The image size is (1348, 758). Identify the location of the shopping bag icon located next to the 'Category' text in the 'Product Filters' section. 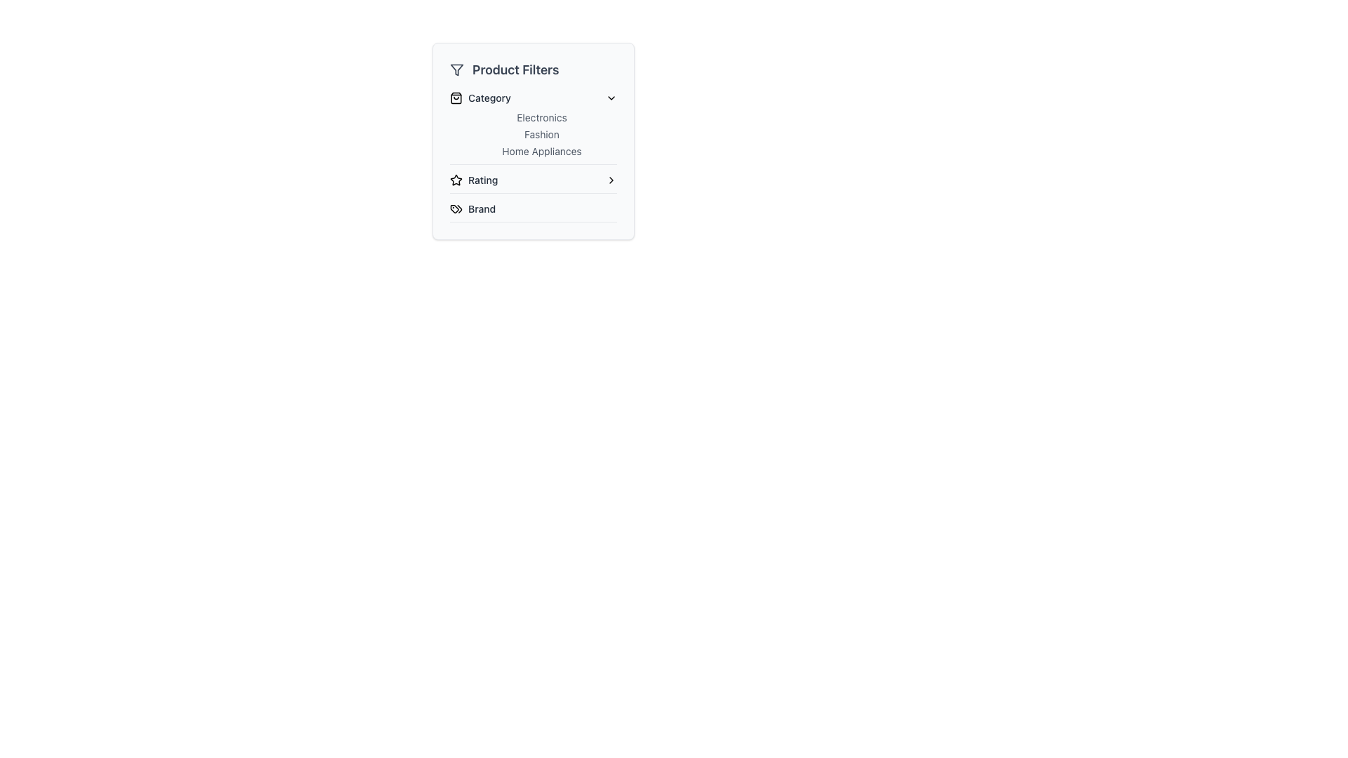
(456, 97).